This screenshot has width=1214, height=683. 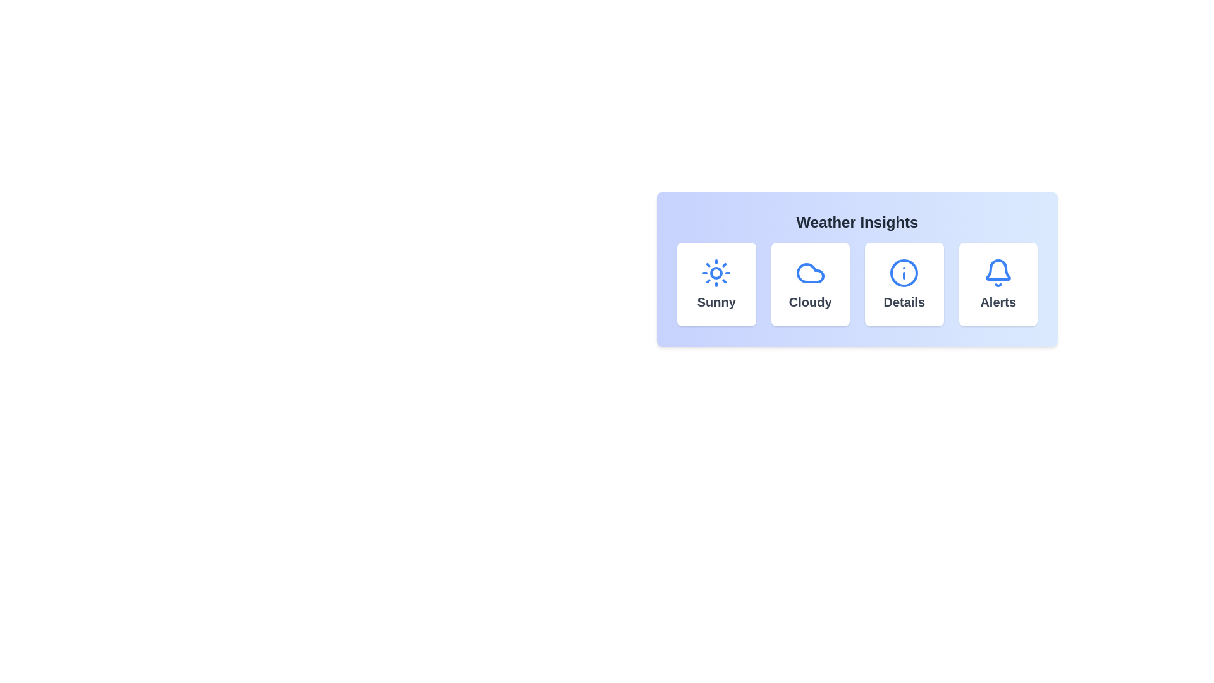 What do you see at coordinates (904, 302) in the screenshot?
I see `the non-interactive Text Label that describes the purpose of the associated card in the 'Weather Insights' section, positioned beneath the circular 'info' icon` at bounding box center [904, 302].